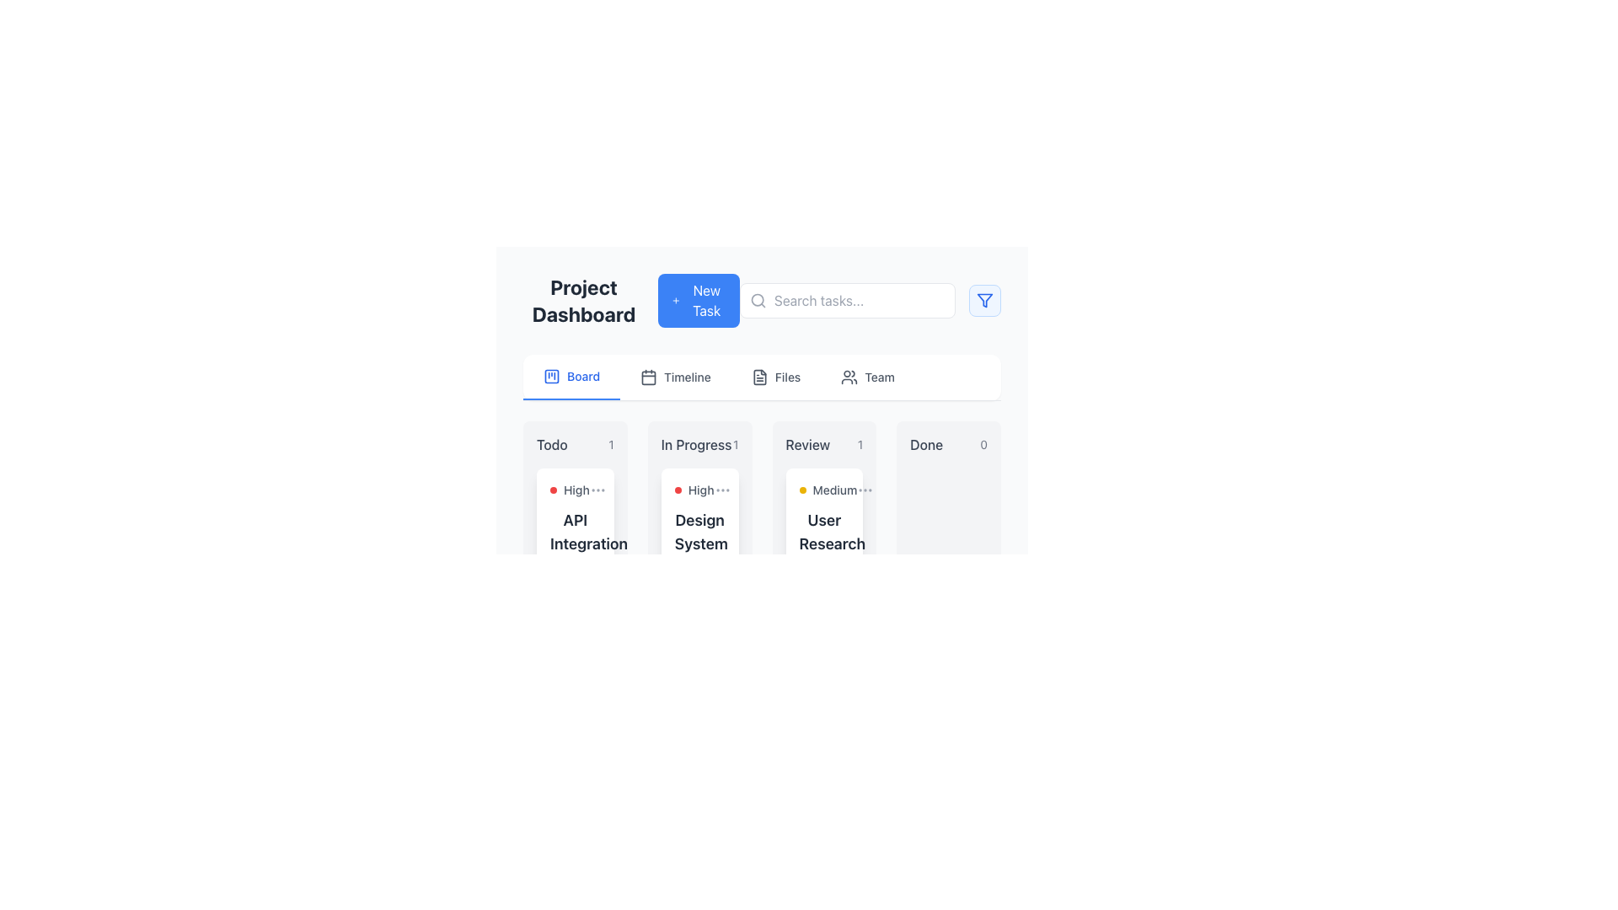  I want to click on the 'In Progress' category indicator in the project dashboard, so click(699, 444).